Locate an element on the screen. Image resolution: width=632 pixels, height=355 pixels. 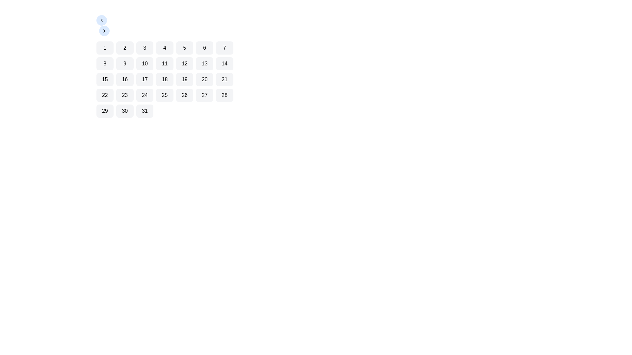
the navigation button located at the top-left corner of the interface, which is the second interactive element from the left is located at coordinates (104, 31).